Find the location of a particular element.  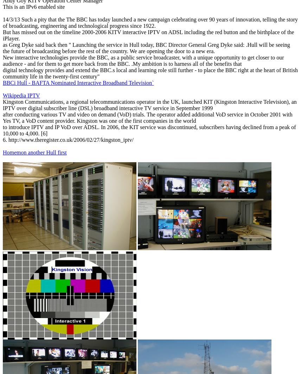

'Kingston Communications, a regional telecommunications operator in the UK, launched KIT (Kingston Interactive Television), an IPTV over digital subscriber line (DSL) broadband interactive TV service in September 1999' is located at coordinates (149, 104).